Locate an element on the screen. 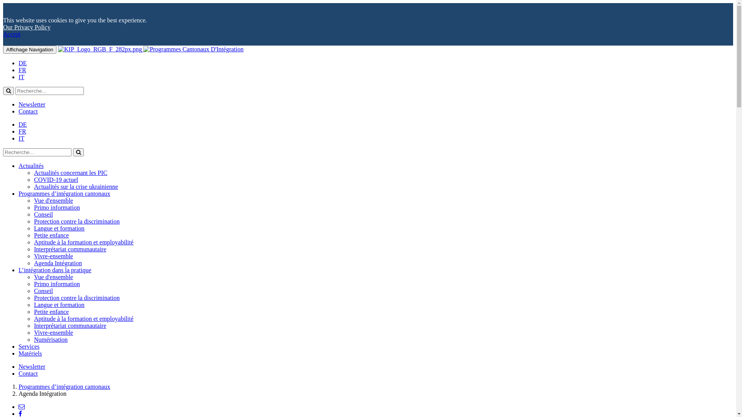 The height and width of the screenshot is (417, 742). 'IT' is located at coordinates (21, 138).